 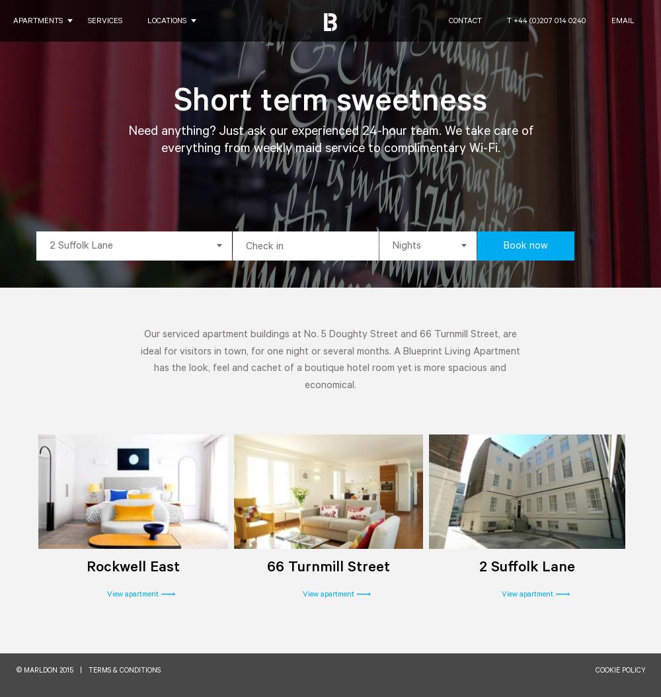 I want to click on 'SERVICES', so click(x=88, y=22).